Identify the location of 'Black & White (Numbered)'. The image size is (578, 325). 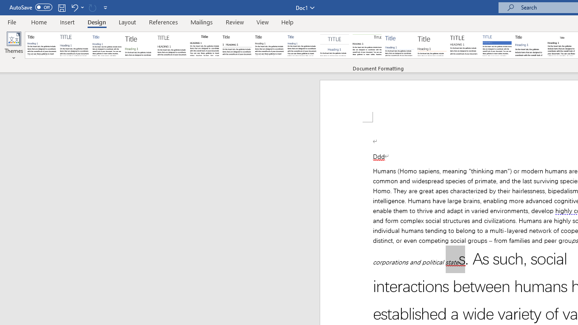
(237, 45).